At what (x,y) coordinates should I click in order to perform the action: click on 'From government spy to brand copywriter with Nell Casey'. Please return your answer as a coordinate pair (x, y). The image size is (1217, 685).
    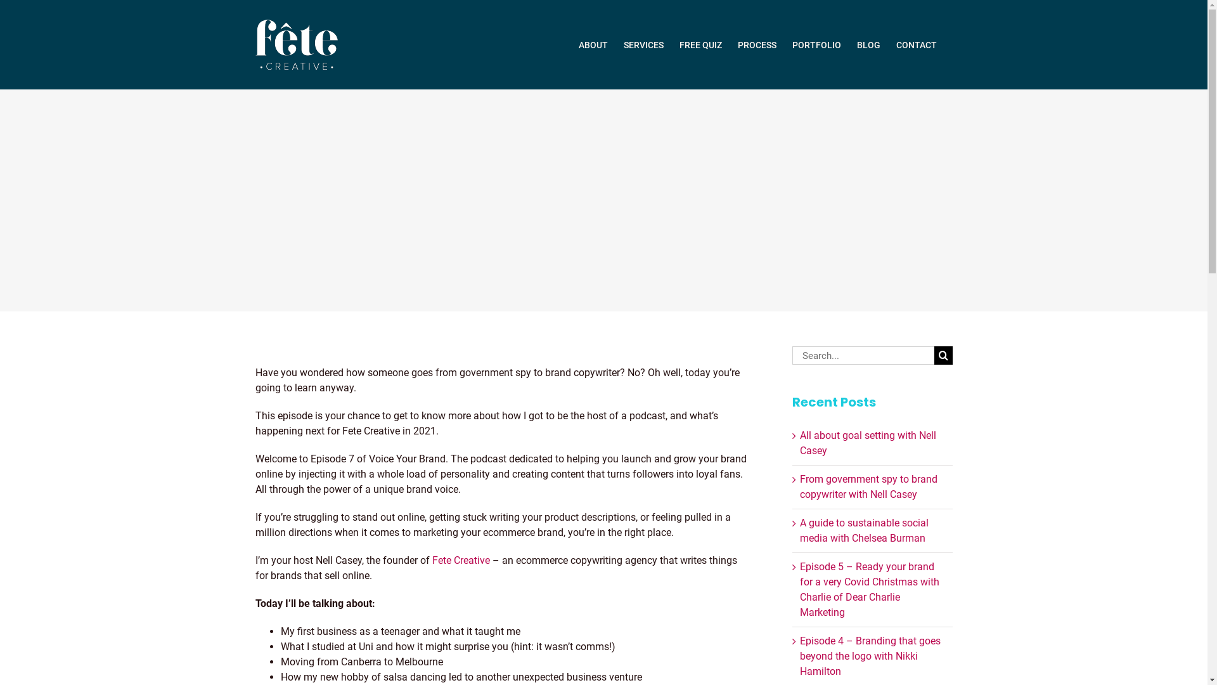
    Looking at the image, I should click on (868, 486).